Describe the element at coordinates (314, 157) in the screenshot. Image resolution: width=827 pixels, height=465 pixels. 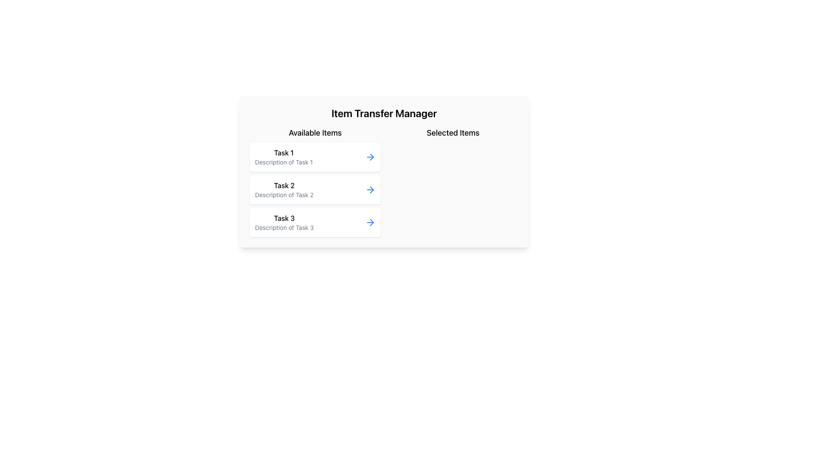
I see `the first list item under 'Available Items' which presents the title and description of a task` at that location.